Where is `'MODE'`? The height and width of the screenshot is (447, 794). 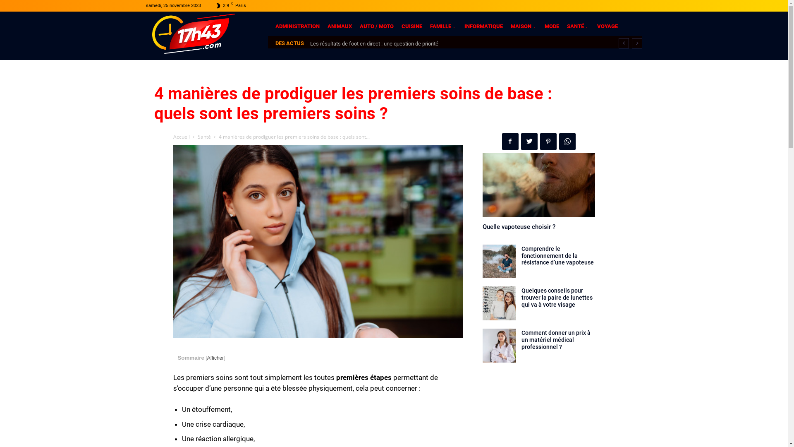
'MODE' is located at coordinates (551, 26).